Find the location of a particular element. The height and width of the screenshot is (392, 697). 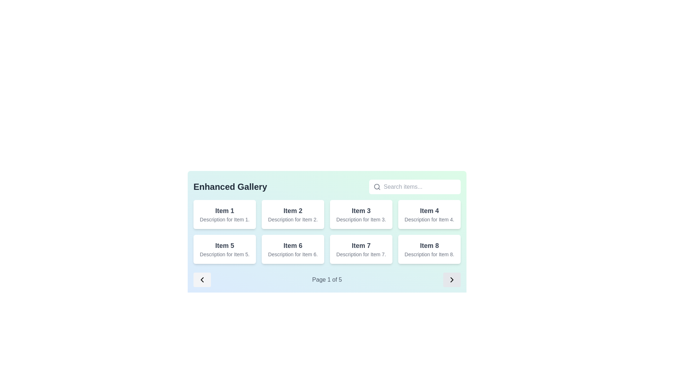

the title text element located in the card within the third row and first column, which serves as the main label or identifier for the card is located at coordinates (361, 245).